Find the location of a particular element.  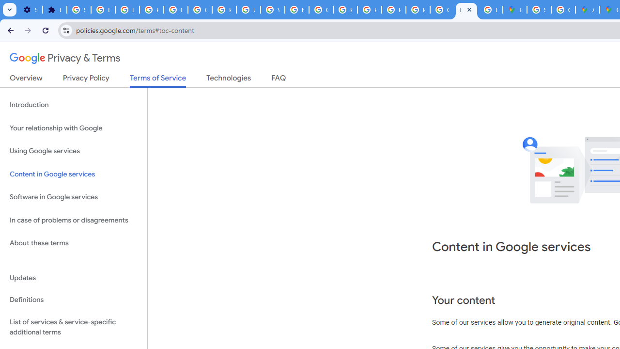

'Your relationship with Google' is located at coordinates (73, 127).